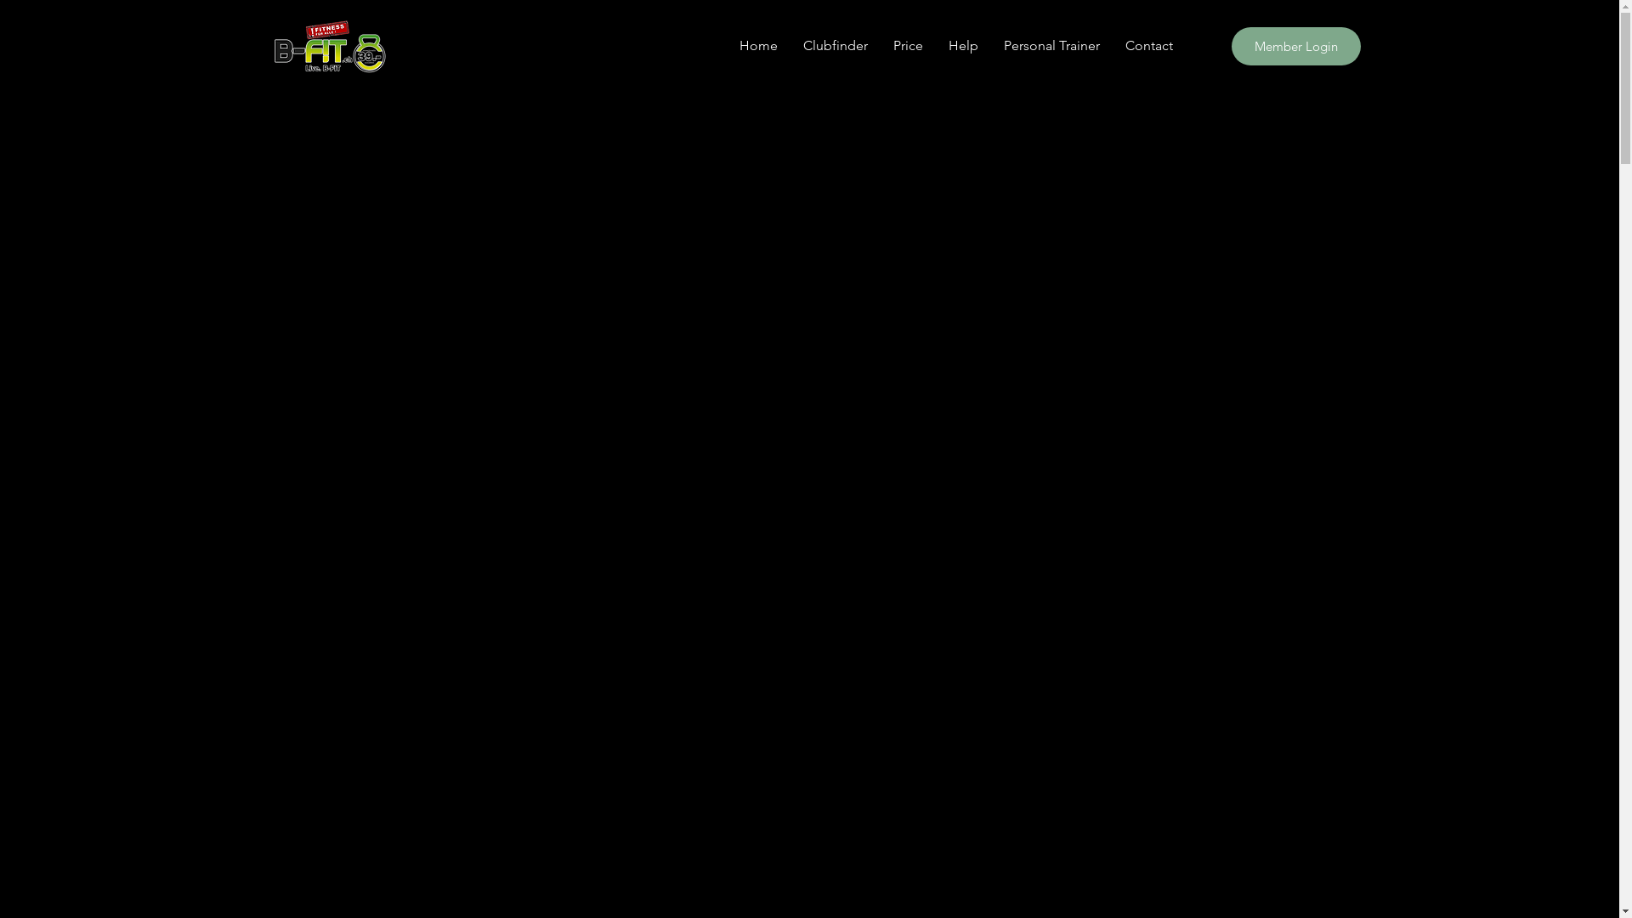 The image size is (1632, 918). What do you see at coordinates (1112, 45) in the screenshot?
I see `'Contact'` at bounding box center [1112, 45].